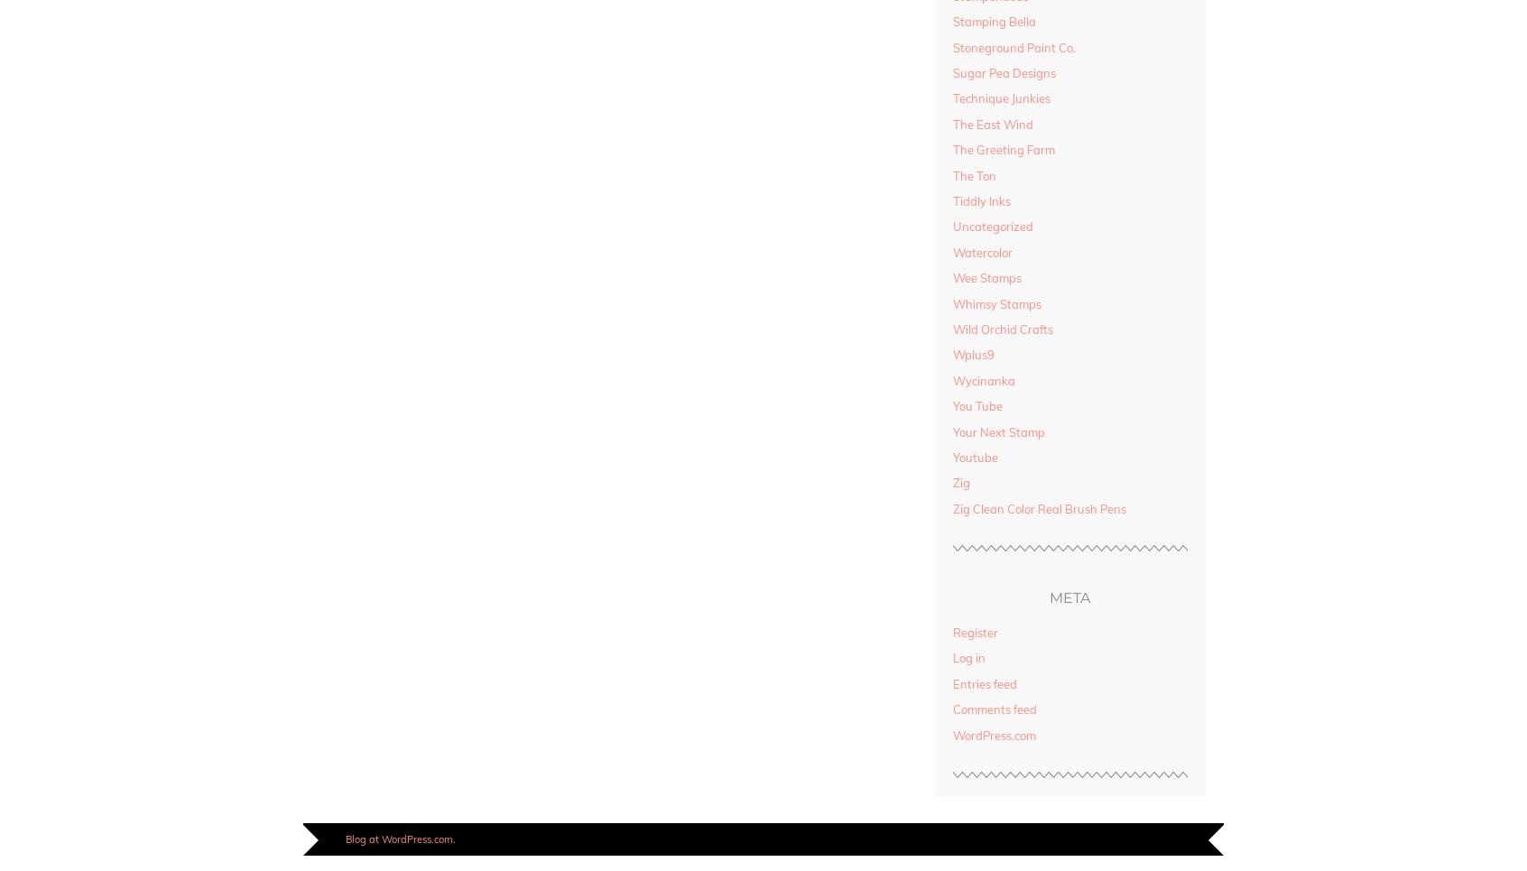 The height and width of the screenshot is (871, 1527). What do you see at coordinates (992, 225) in the screenshot?
I see `'Uncategorized'` at bounding box center [992, 225].